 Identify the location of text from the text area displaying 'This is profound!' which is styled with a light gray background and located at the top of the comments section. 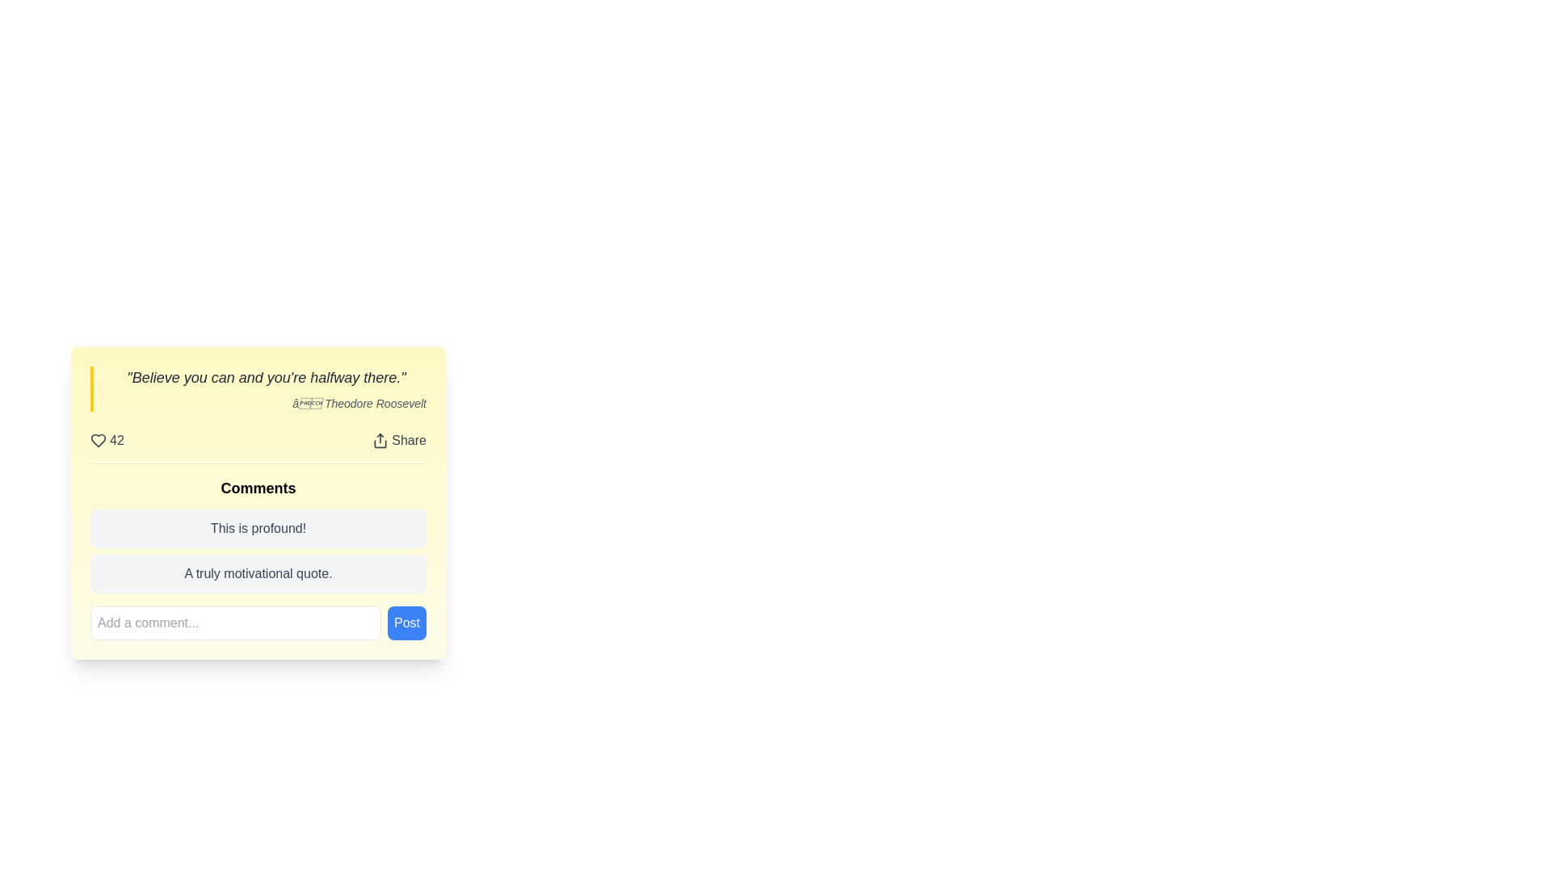
(258, 529).